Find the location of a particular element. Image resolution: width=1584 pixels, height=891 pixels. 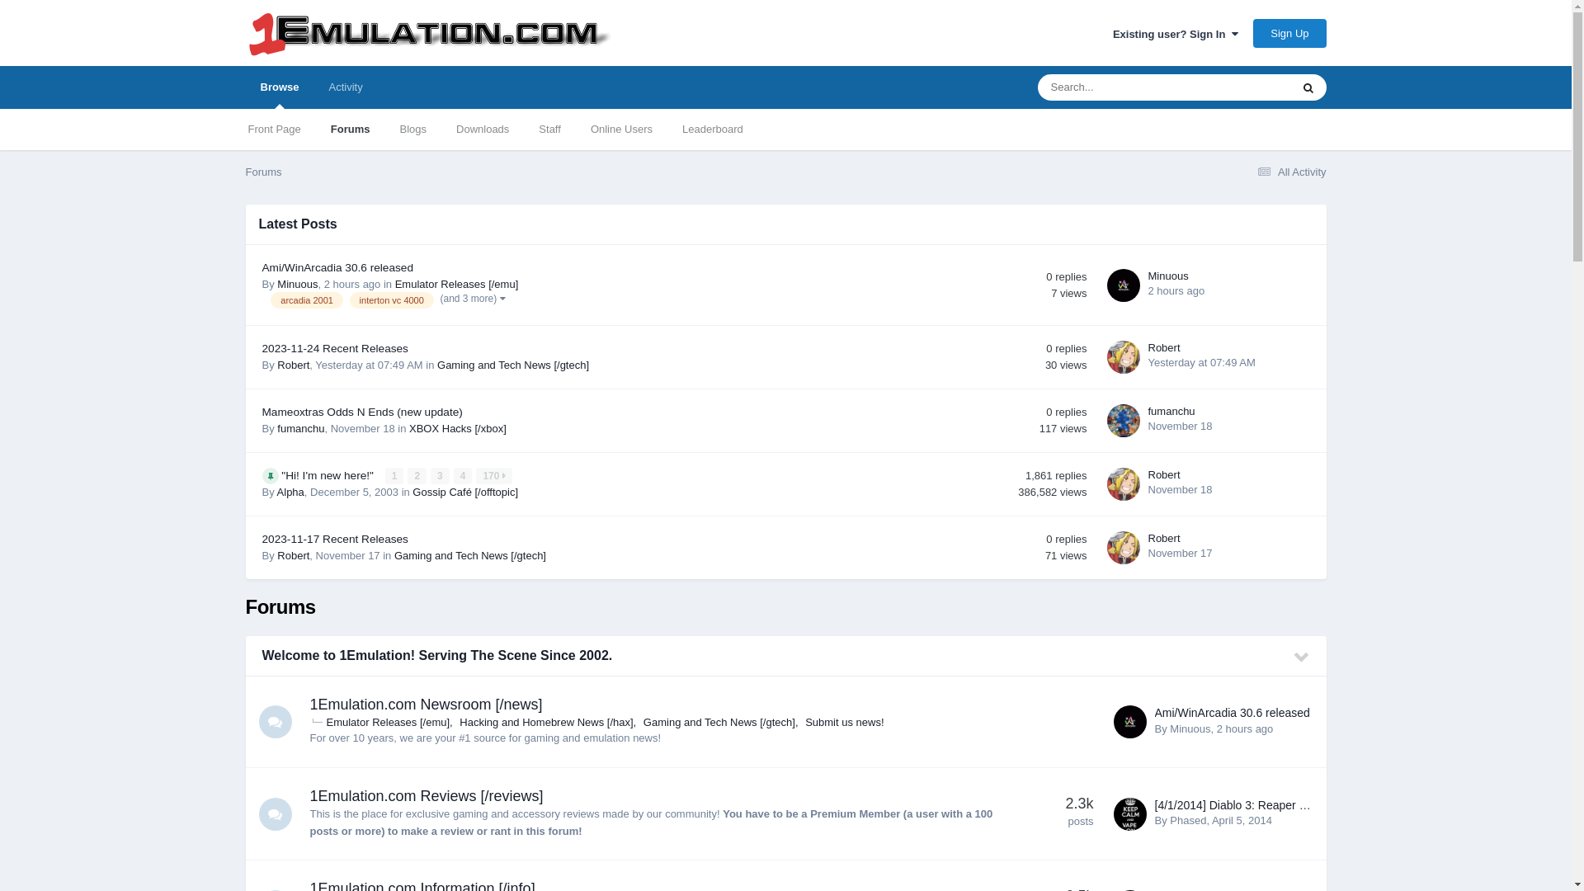

'Alpha' is located at coordinates (290, 491).